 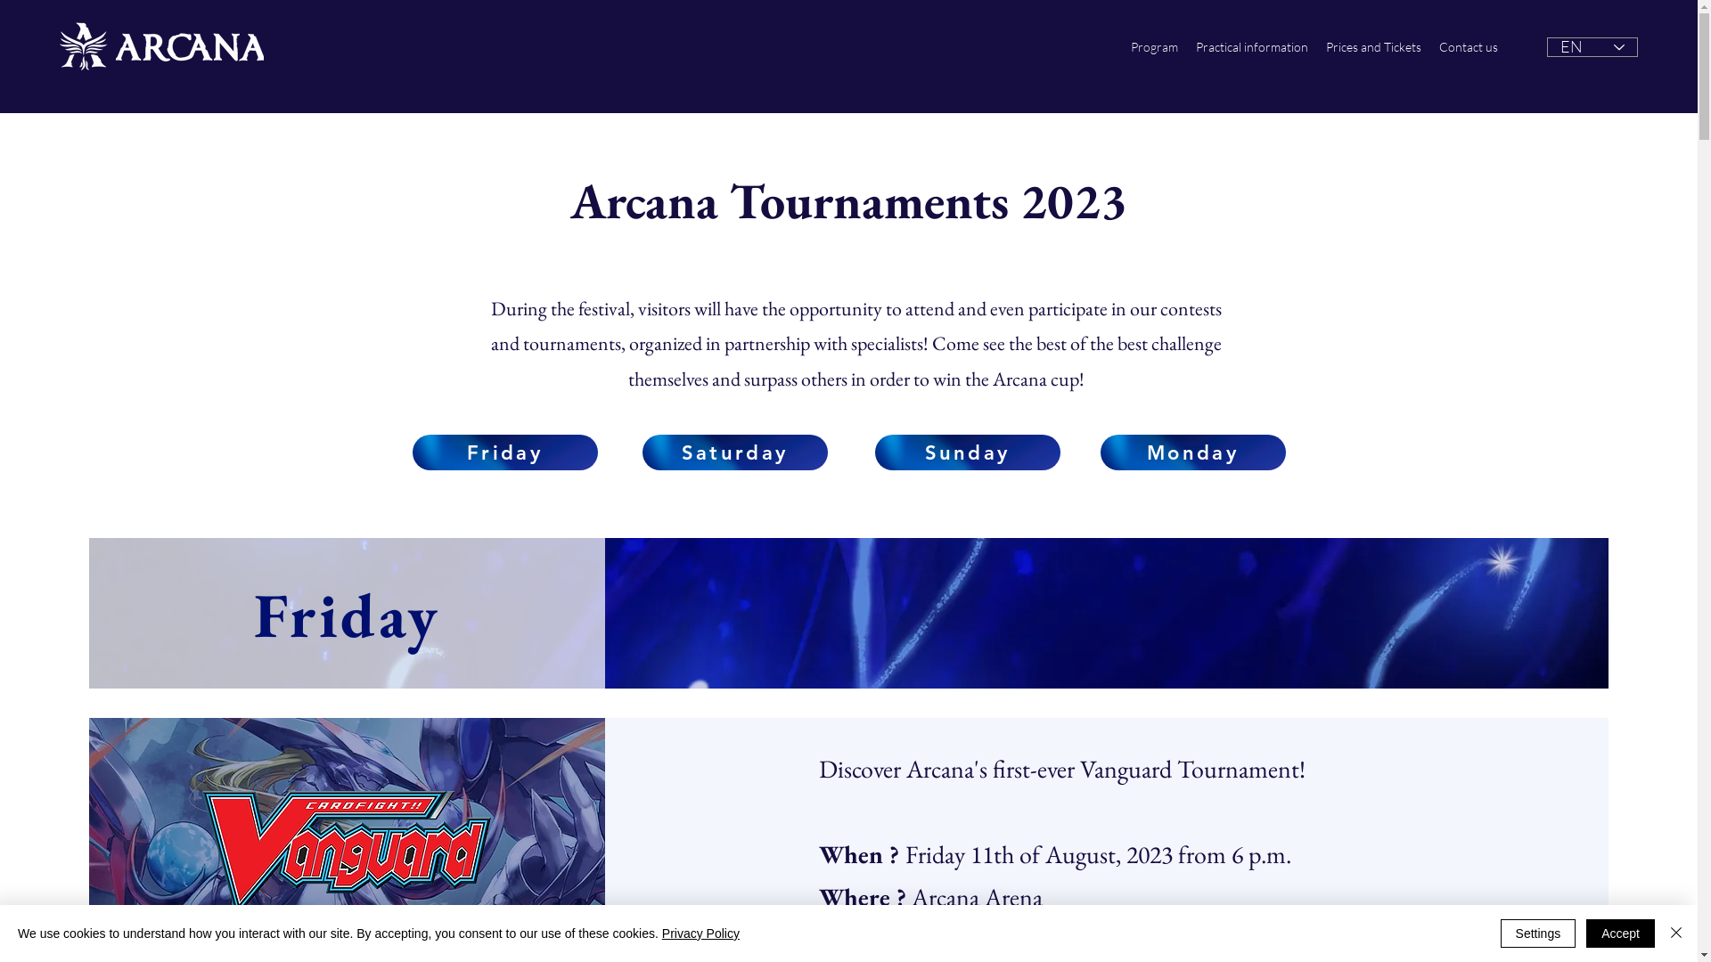 I want to click on 'Monday', so click(x=1192, y=452).